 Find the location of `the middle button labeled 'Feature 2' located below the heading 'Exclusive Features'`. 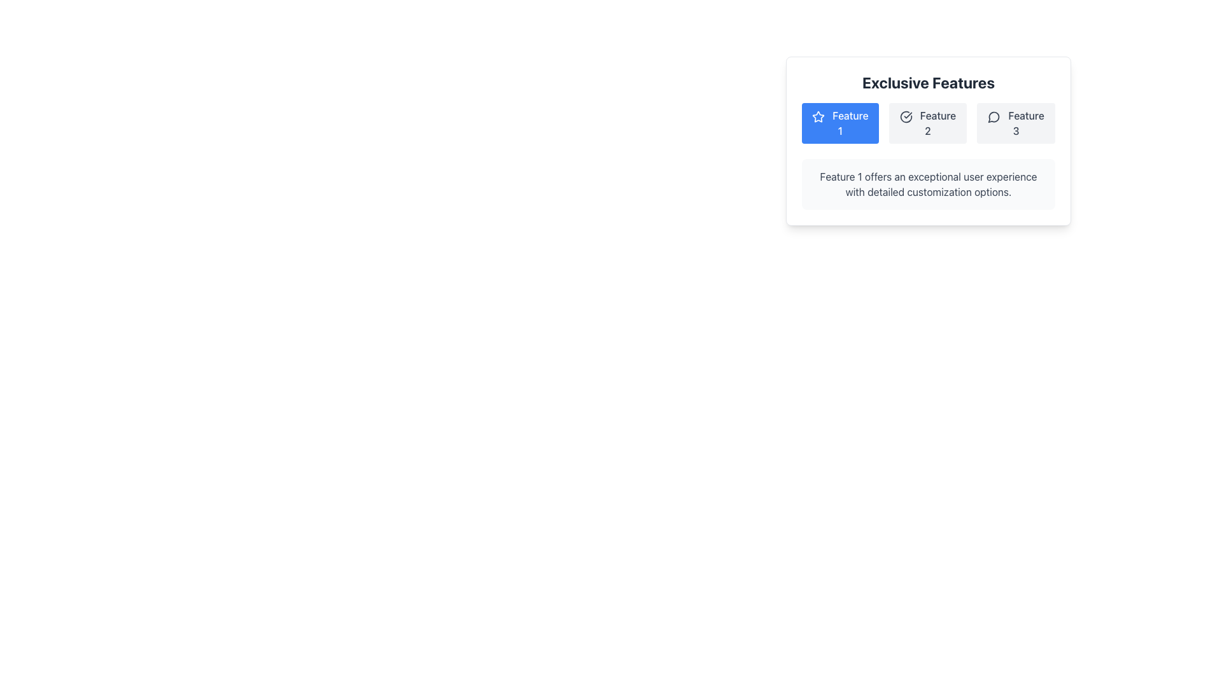

the middle button labeled 'Feature 2' located below the heading 'Exclusive Features' is located at coordinates (929, 123).